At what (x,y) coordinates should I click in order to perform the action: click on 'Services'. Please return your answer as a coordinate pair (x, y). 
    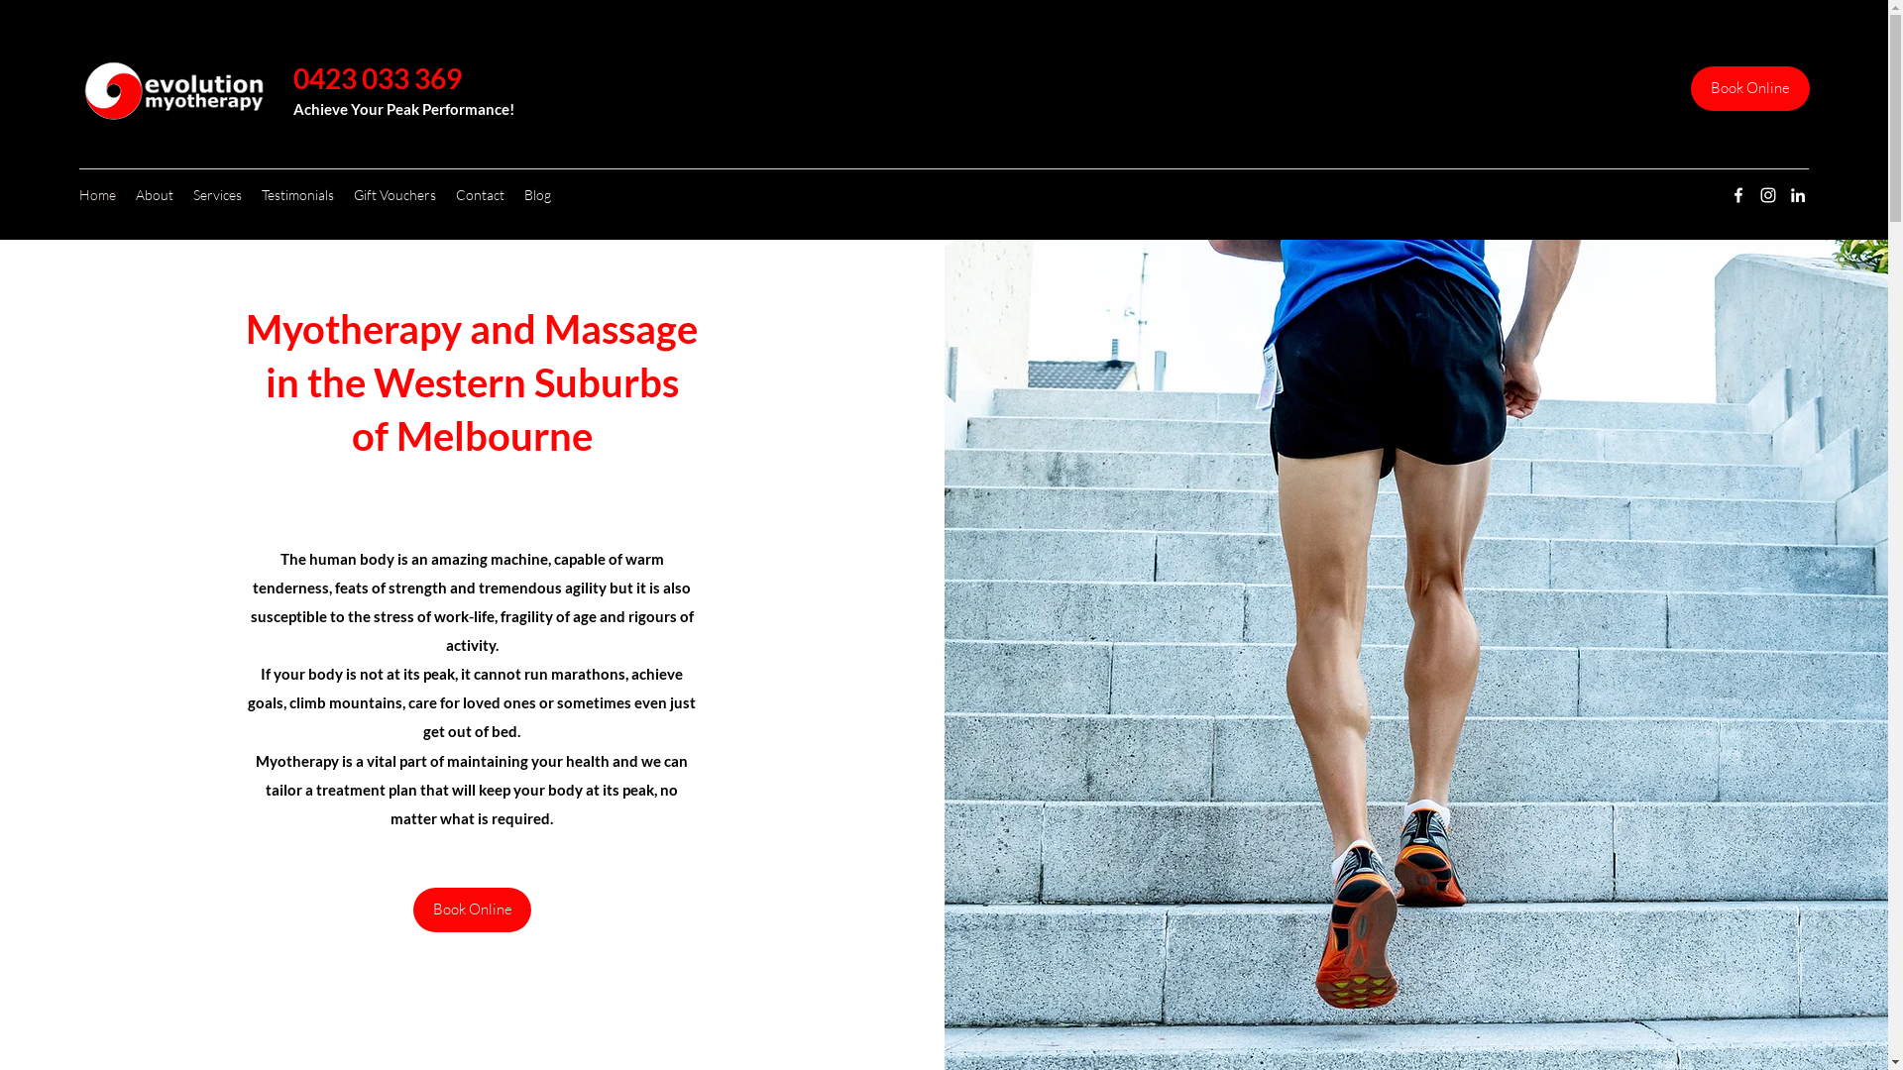
    Looking at the image, I should click on (183, 194).